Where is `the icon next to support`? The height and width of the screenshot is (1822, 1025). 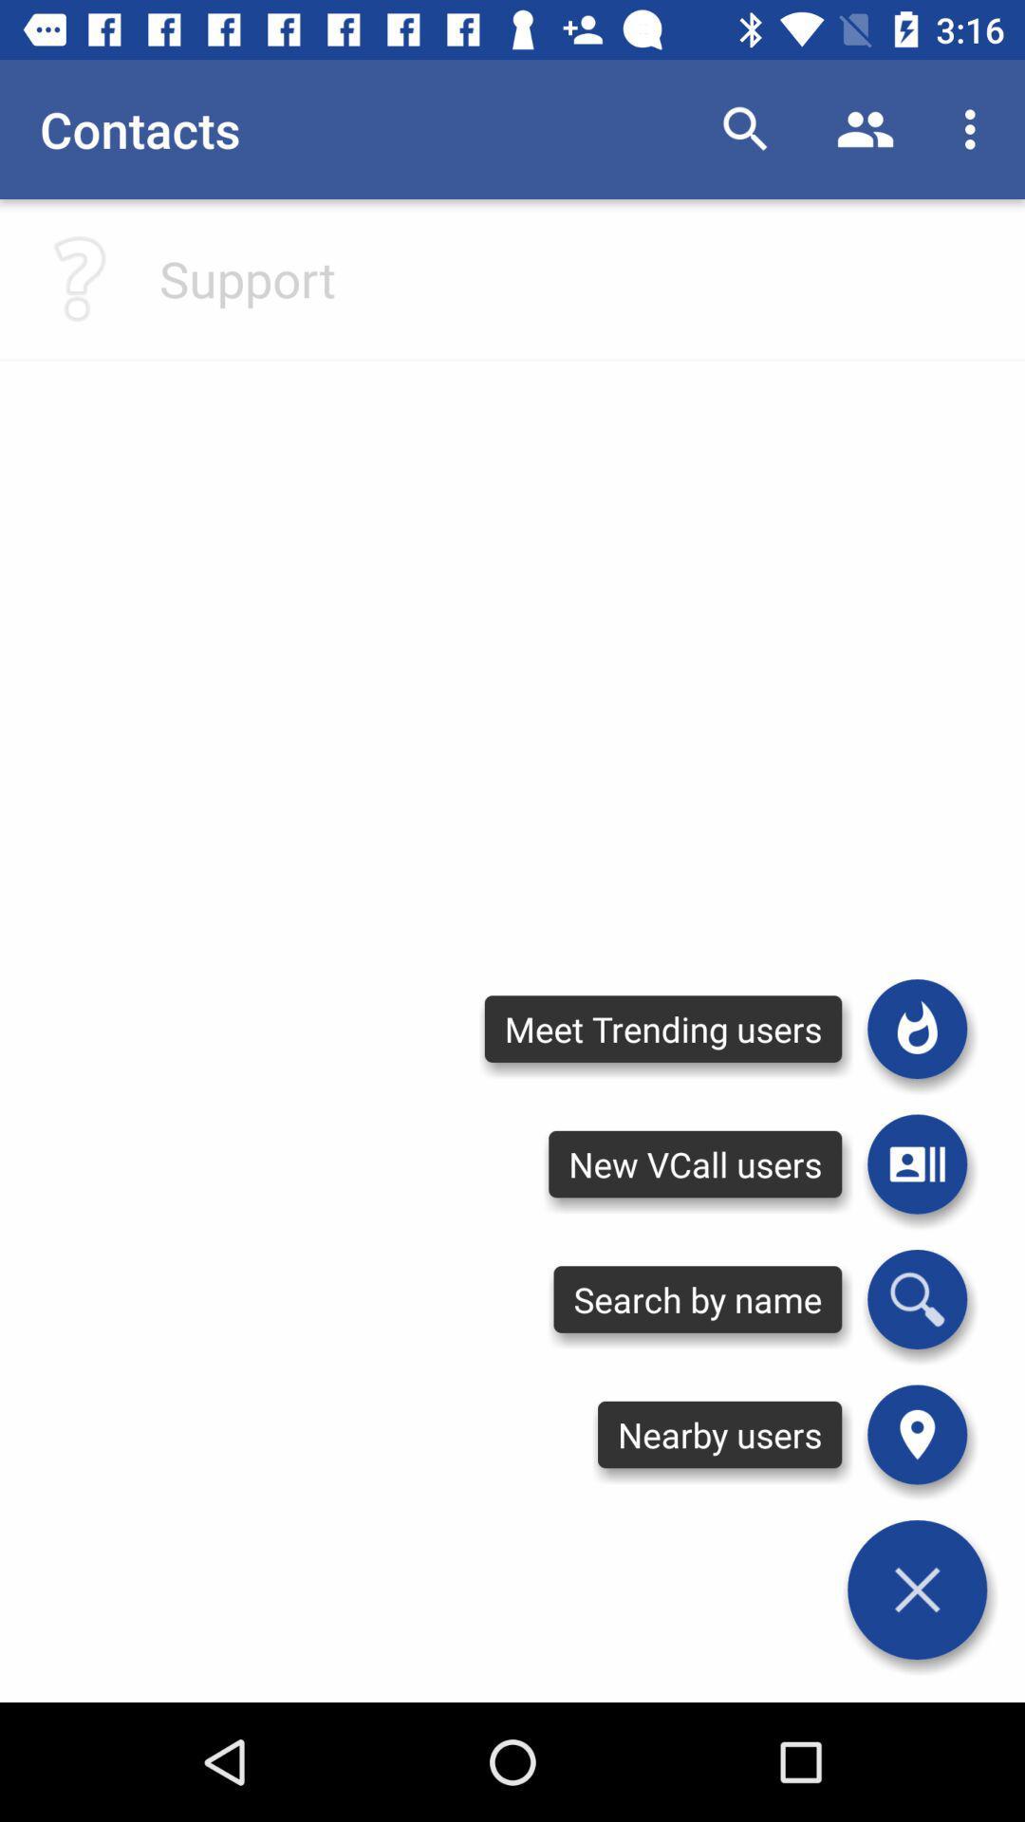
the icon next to support is located at coordinates (79, 277).